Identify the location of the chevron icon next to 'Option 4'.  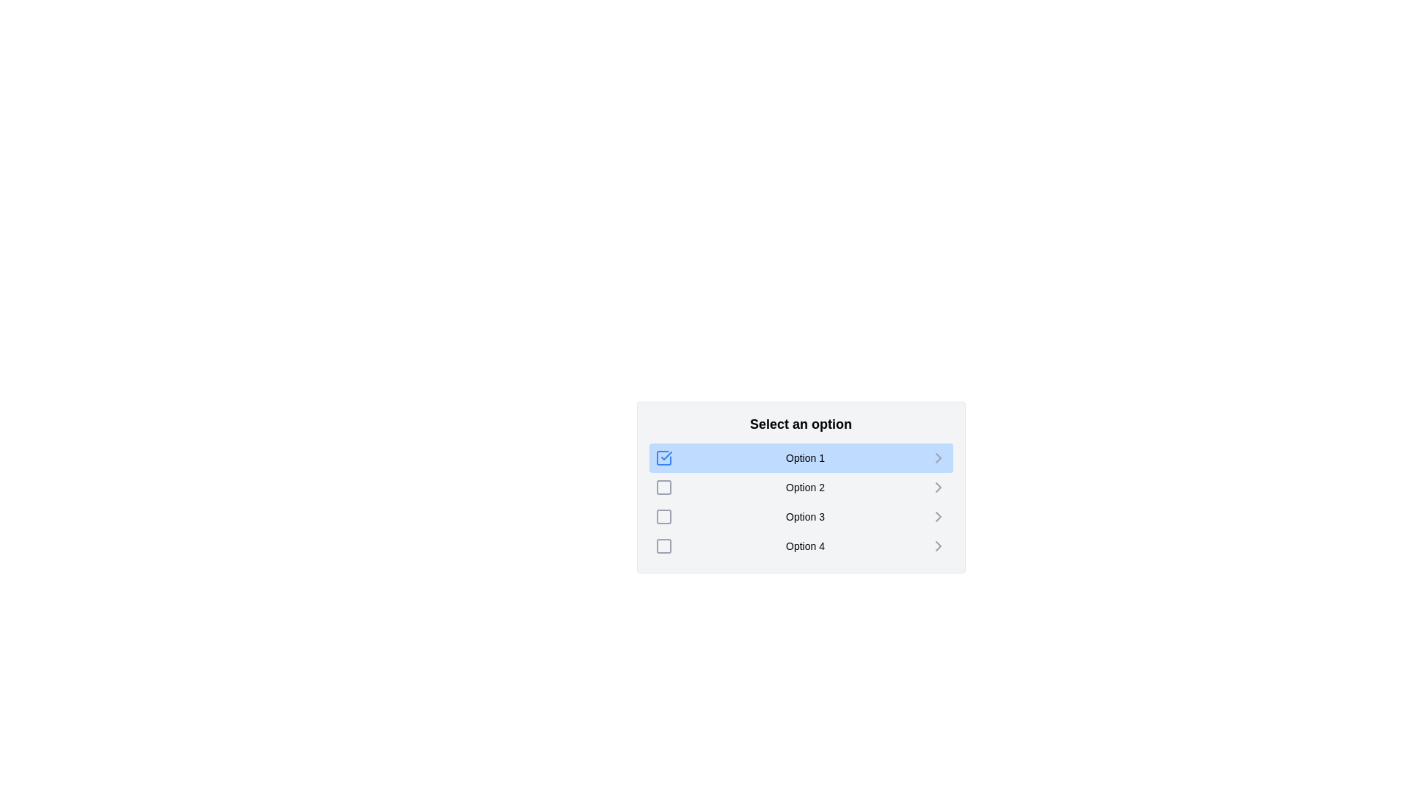
(937, 546).